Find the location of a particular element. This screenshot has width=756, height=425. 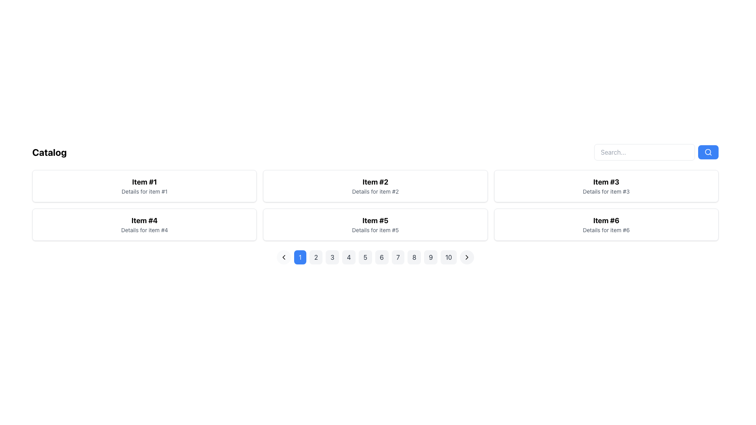

the interactive card labeled 'Item #5' which features a bold title and a smaller gray subtitle, located in the second position of the grid layout is located at coordinates (375, 224).